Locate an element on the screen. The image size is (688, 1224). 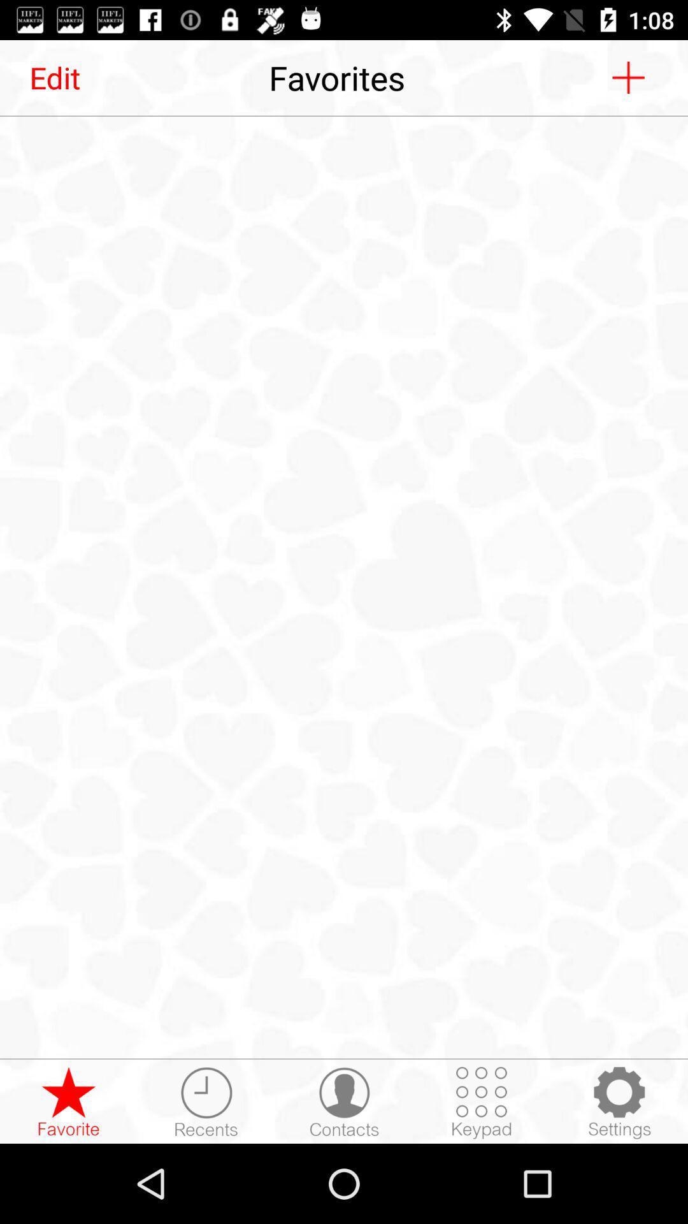
recent calls is located at coordinates (206, 1102).